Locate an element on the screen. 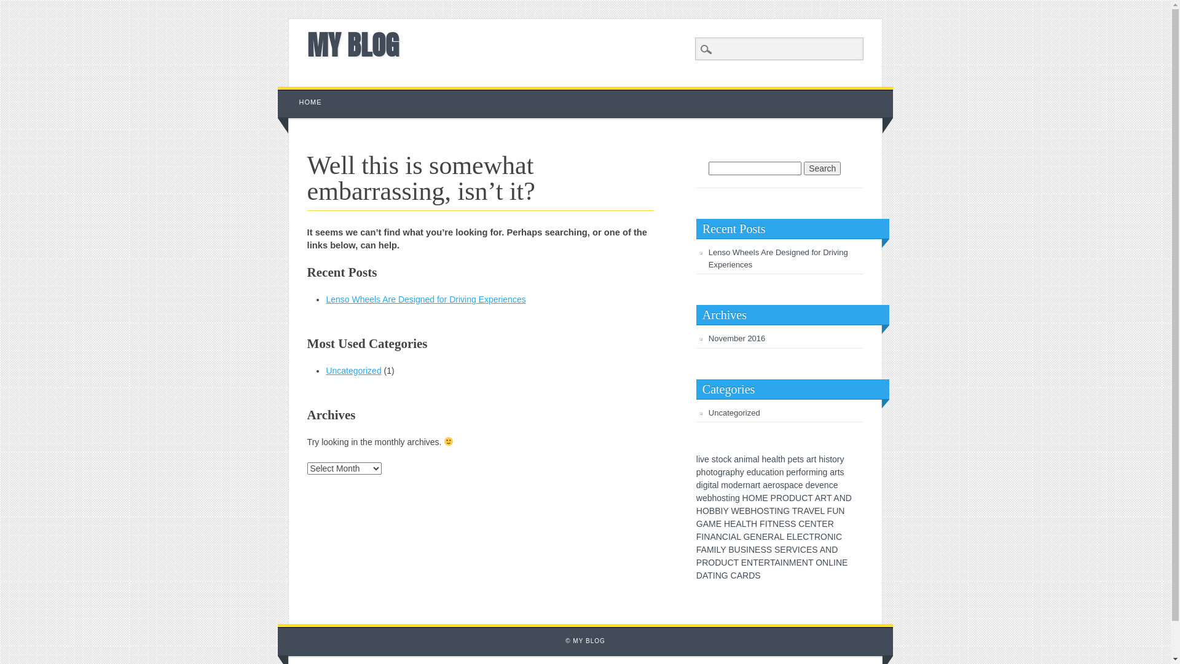  'v' is located at coordinates (702, 459).